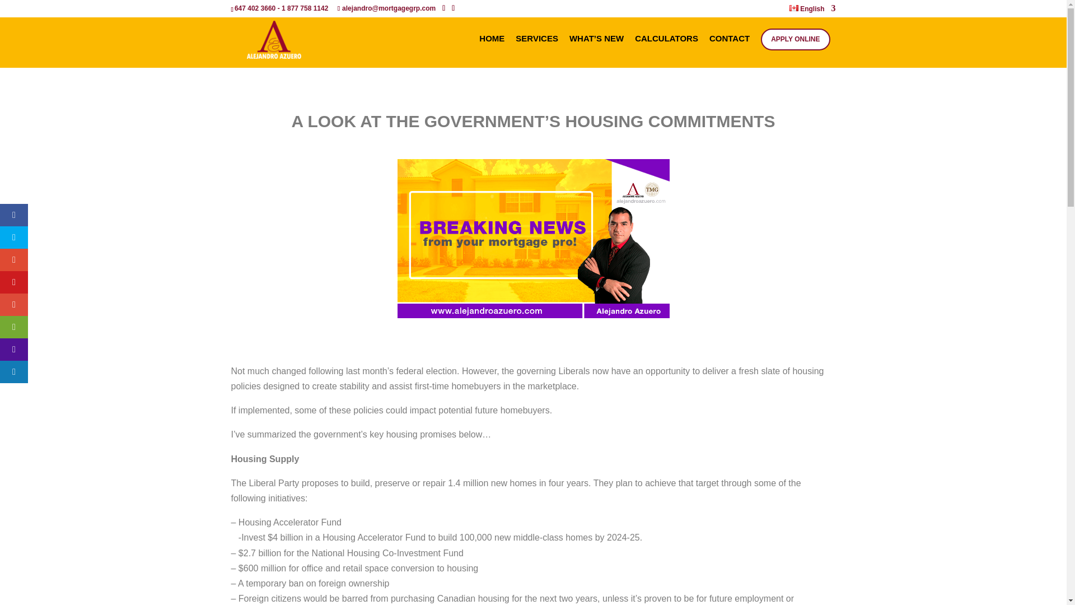 This screenshot has height=605, width=1075. I want to click on 'SERVICES', so click(515, 51).